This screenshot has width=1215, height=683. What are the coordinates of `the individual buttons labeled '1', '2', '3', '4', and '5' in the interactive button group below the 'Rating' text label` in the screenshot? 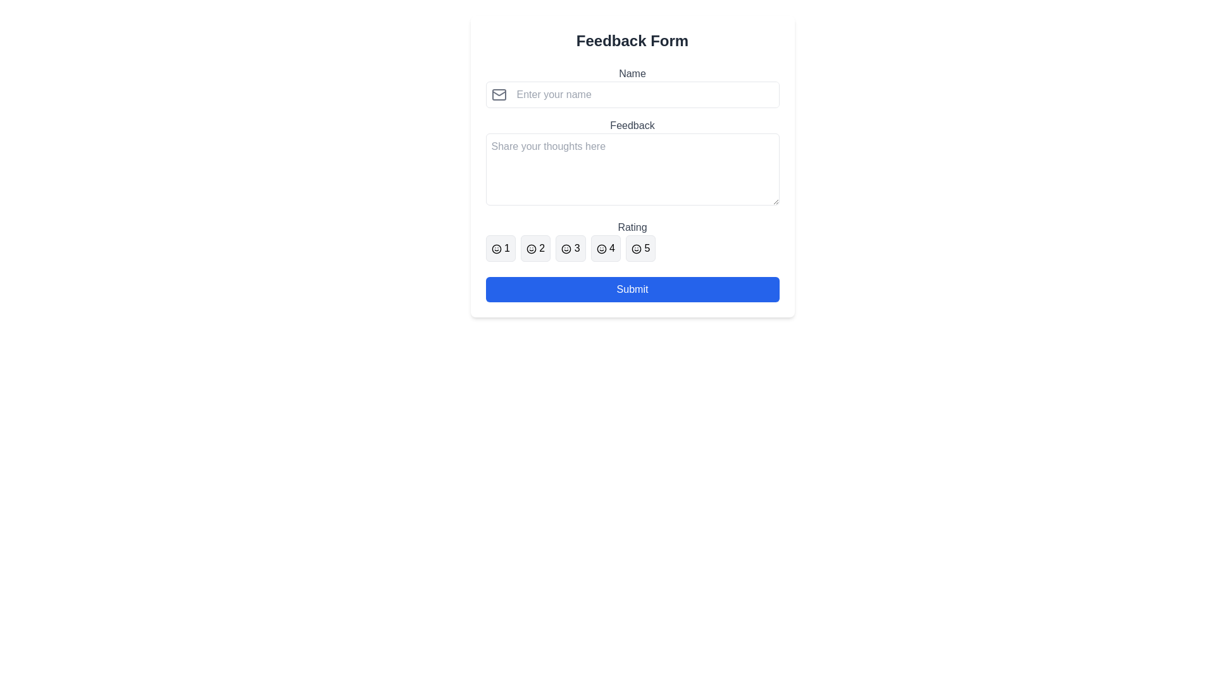 It's located at (632, 249).